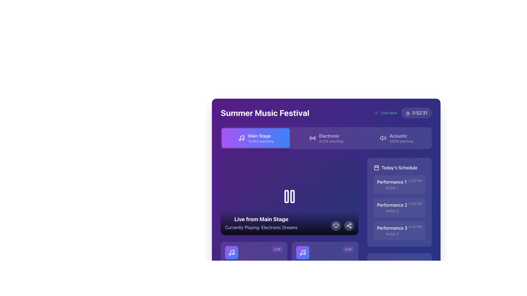  Describe the element at coordinates (392, 230) in the screenshot. I see `the text element displaying 'Performance 3' and 'Artist 3' within the 'Today's Schedule' section, which has a dark purple background and is located in the bottom-right corner of the interface` at that location.